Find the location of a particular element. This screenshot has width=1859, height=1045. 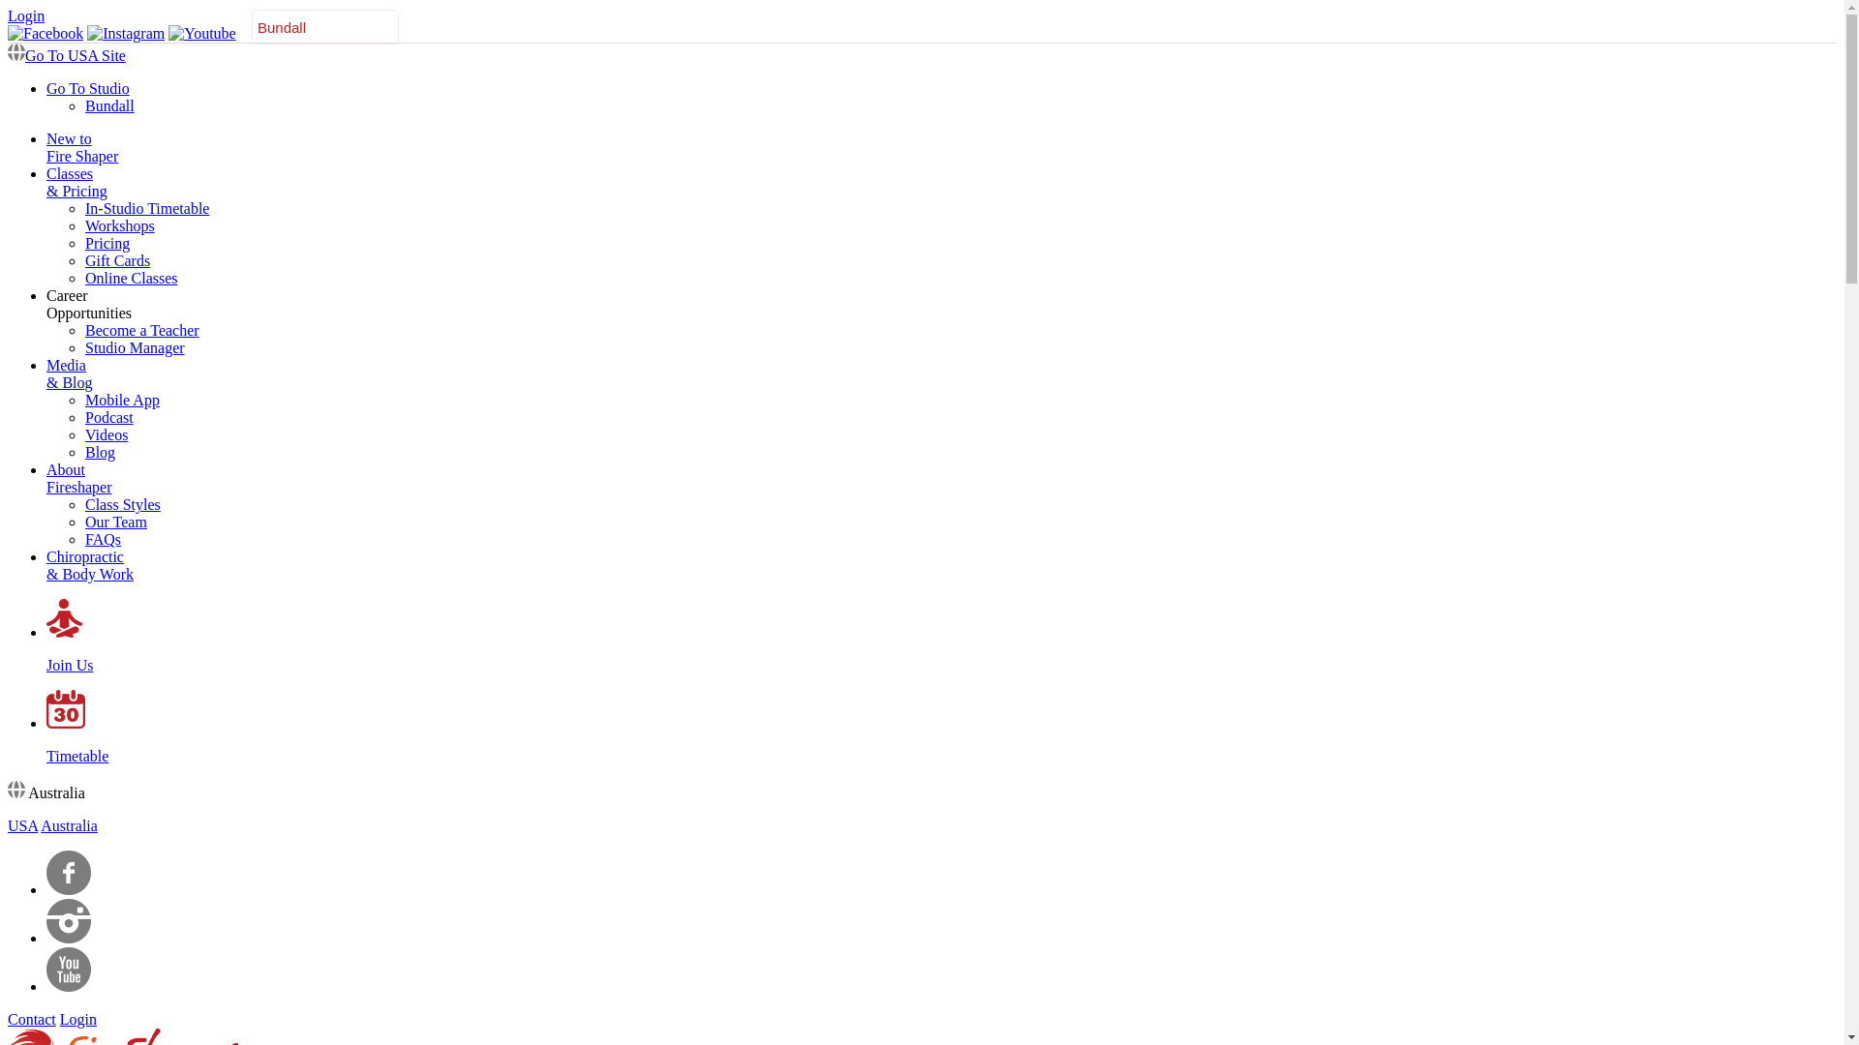

'USA' is located at coordinates (22, 825).